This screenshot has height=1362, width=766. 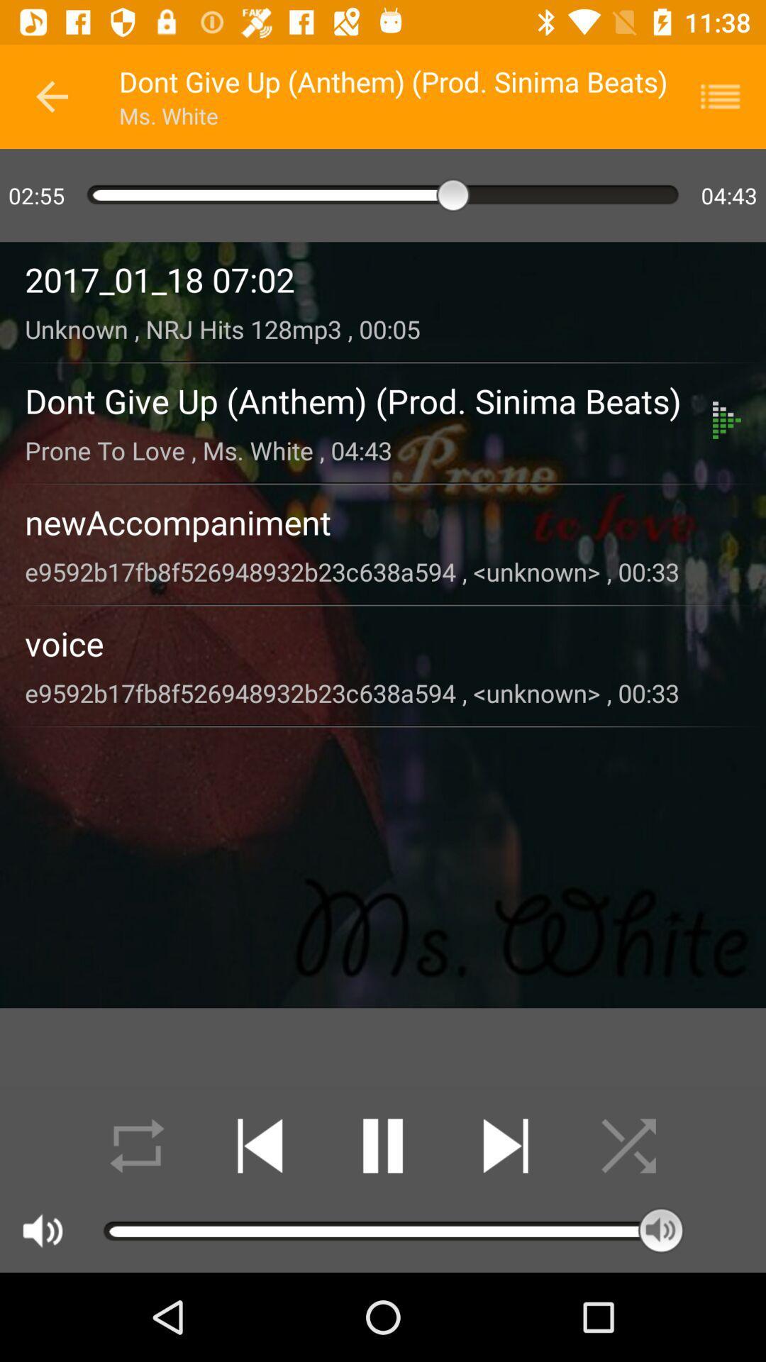 What do you see at coordinates (729, 96) in the screenshot?
I see `the national_flag icon` at bounding box center [729, 96].